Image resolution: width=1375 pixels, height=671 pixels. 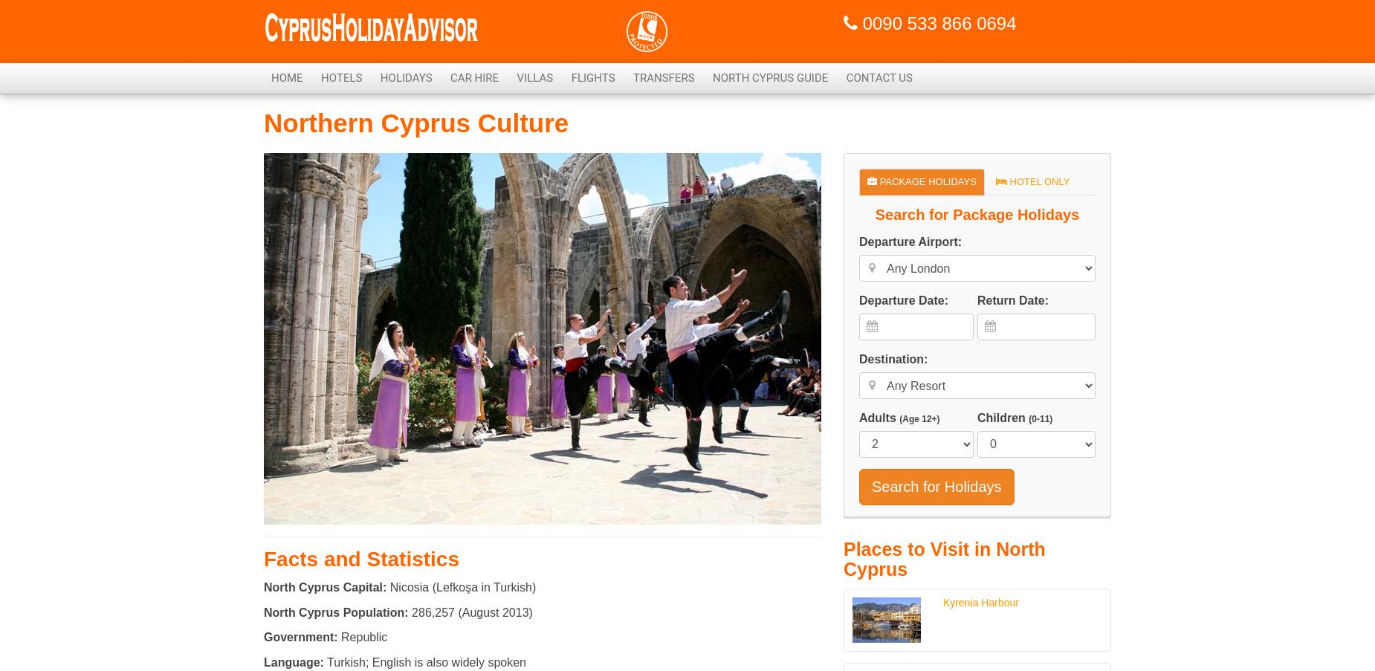 I want to click on 'Kyrenia Harbour', so click(x=980, y=600).